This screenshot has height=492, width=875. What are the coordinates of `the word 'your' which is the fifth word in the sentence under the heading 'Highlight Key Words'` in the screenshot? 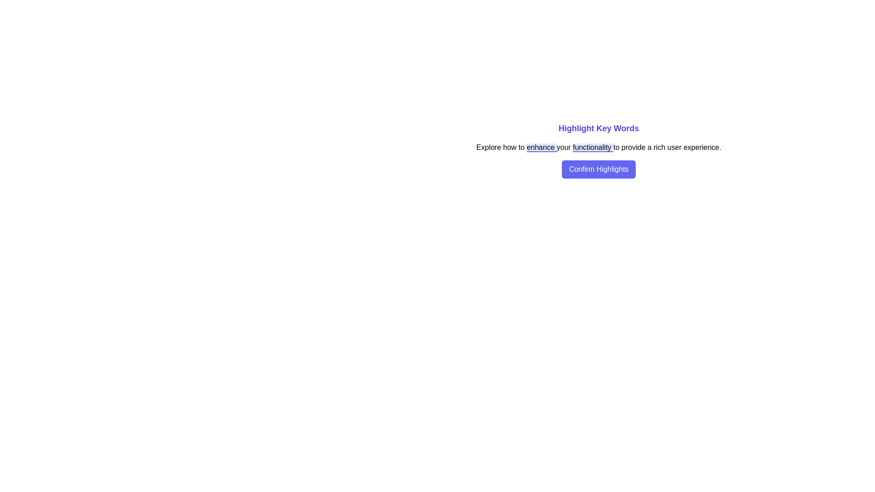 It's located at (564, 147).